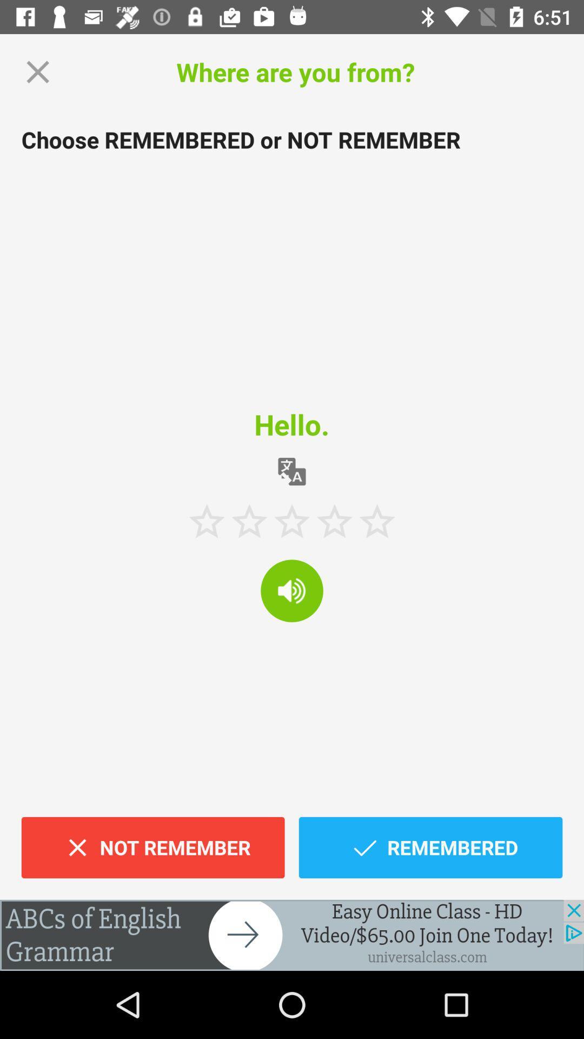 This screenshot has width=584, height=1039. Describe the element at coordinates (292, 590) in the screenshot. I see `the volume icon` at that location.